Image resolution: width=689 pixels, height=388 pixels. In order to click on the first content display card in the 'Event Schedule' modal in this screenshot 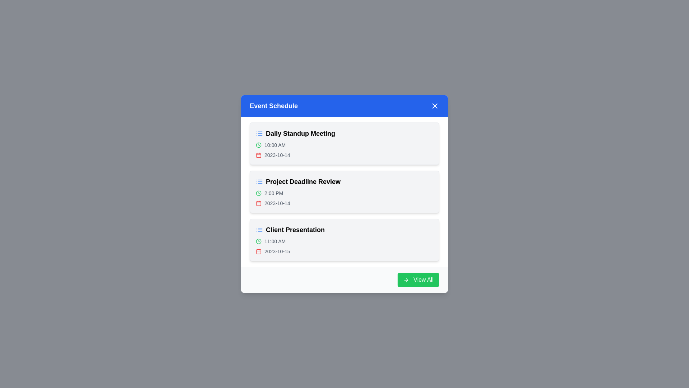, I will do `click(344, 144)`.